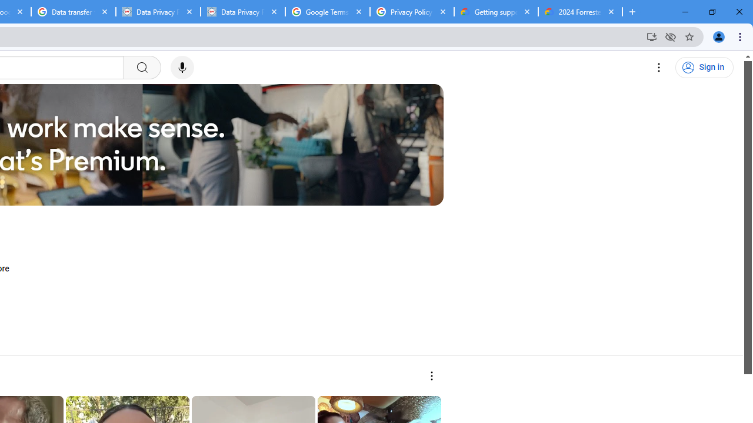  What do you see at coordinates (689, 36) in the screenshot?
I see `'Bookmark this tab'` at bounding box center [689, 36].